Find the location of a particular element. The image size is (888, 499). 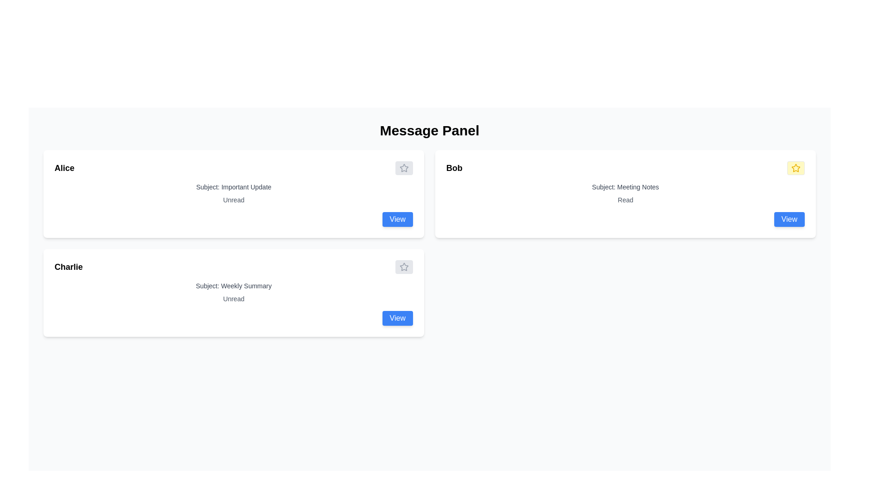

the text display reading 'Subject: Important Update', which is styled in a smaller, gray font and positioned below the sender's name 'Alice' within the message card is located at coordinates (234, 187).